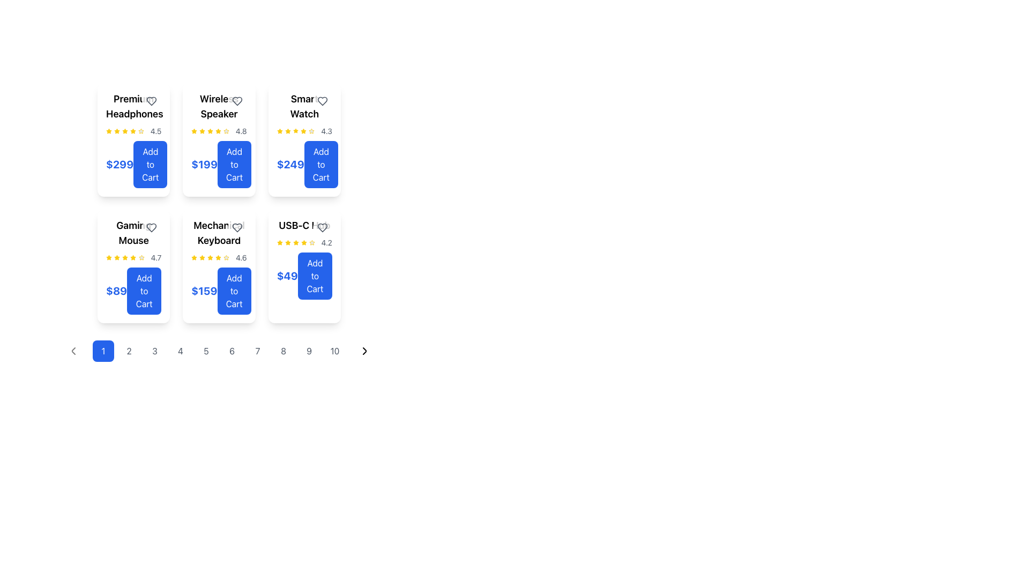  Describe the element at coordinates (296, 131) in the screenshot. I see `the fourth filled yellow star icon in the rating section of the 'Smart Watch' card located in the third column of the first row` at that location.